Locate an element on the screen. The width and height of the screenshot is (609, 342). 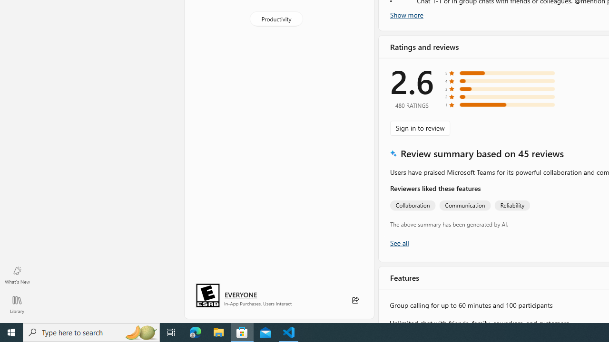
'Sign in to review' is located at coordinates (420, 127).